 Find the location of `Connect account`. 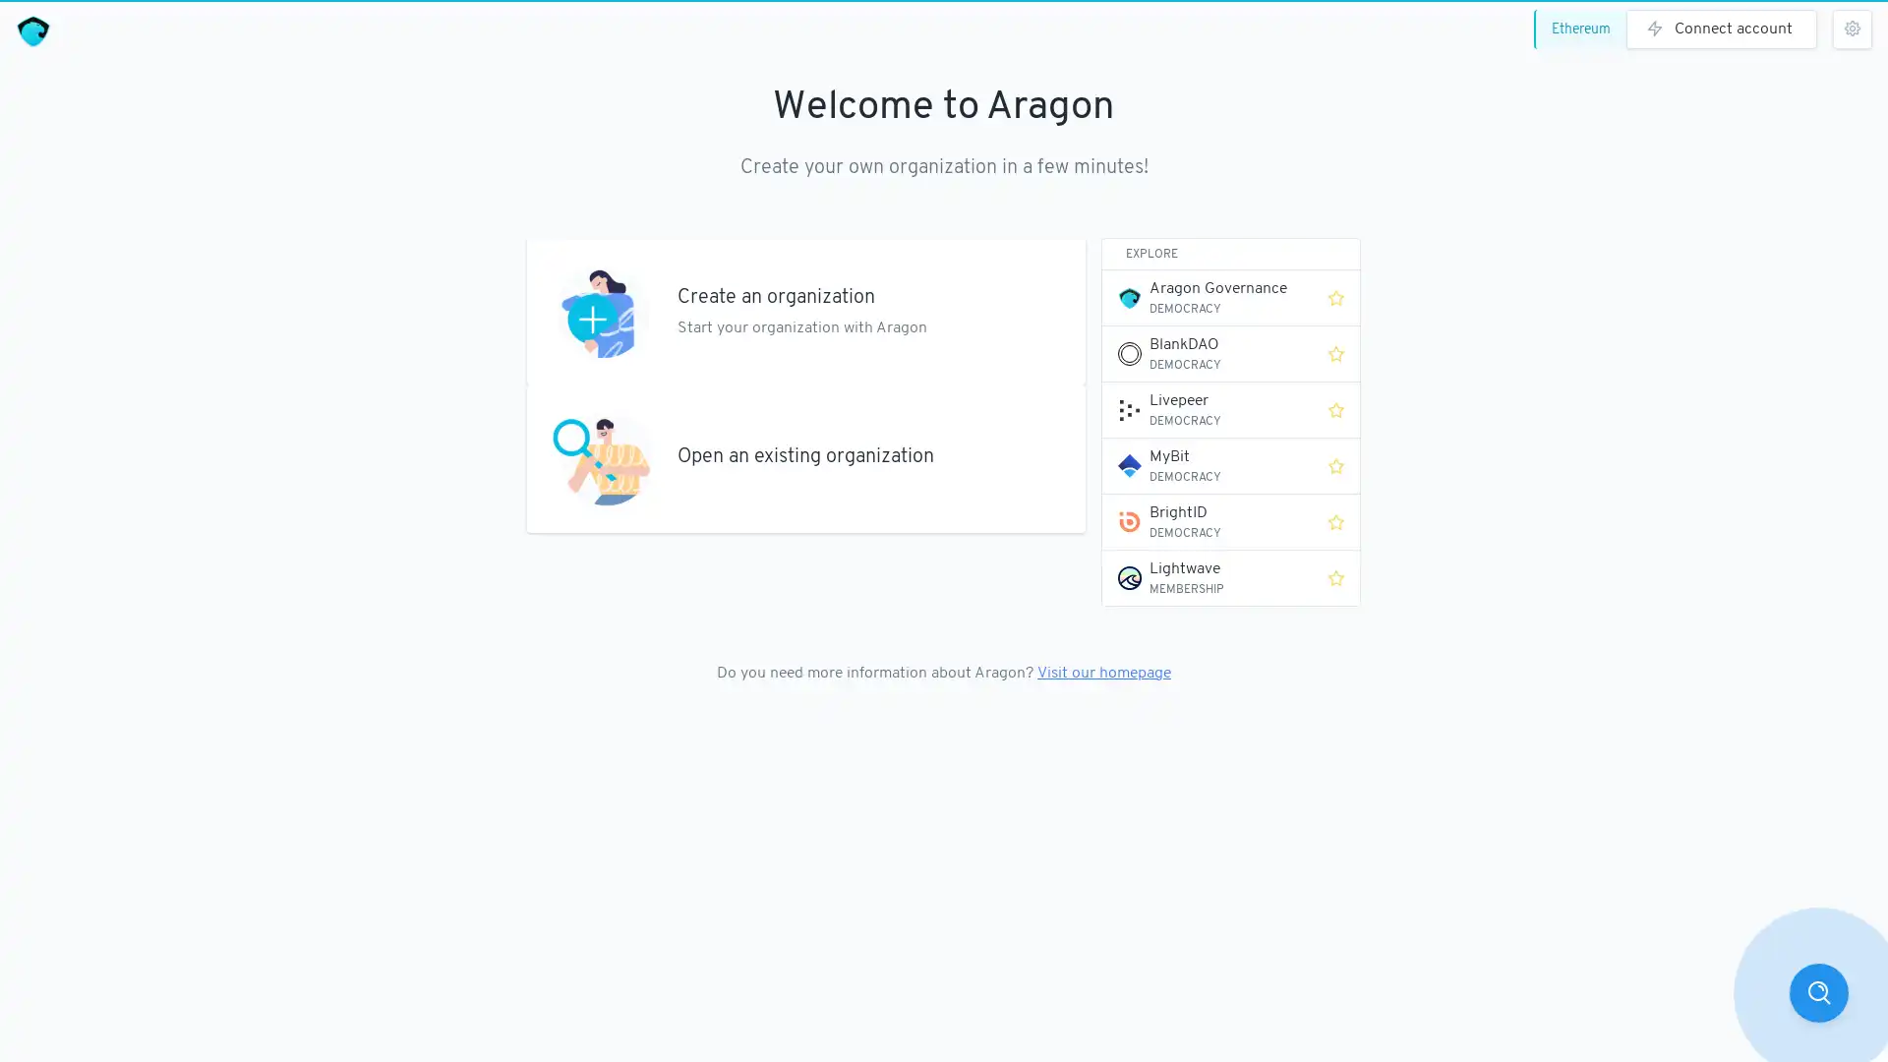

Connect account is located at coordinates (1721, 29).